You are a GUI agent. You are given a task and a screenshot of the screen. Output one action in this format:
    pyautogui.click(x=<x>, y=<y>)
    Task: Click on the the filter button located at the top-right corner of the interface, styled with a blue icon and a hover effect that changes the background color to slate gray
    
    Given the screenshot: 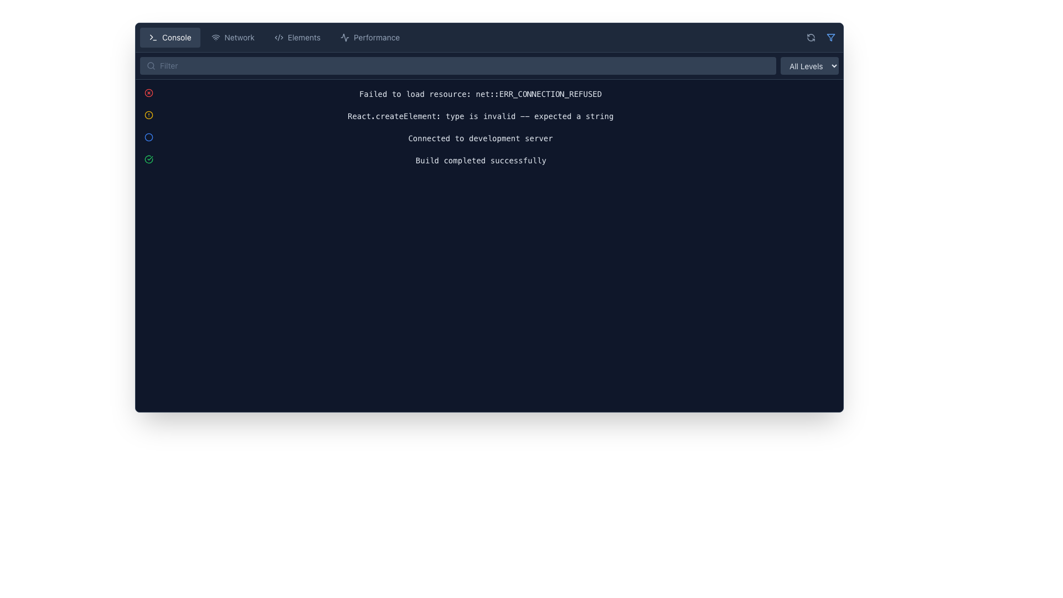 What is the action you would take?
    pyautogui.click(x=831, y=37)
    